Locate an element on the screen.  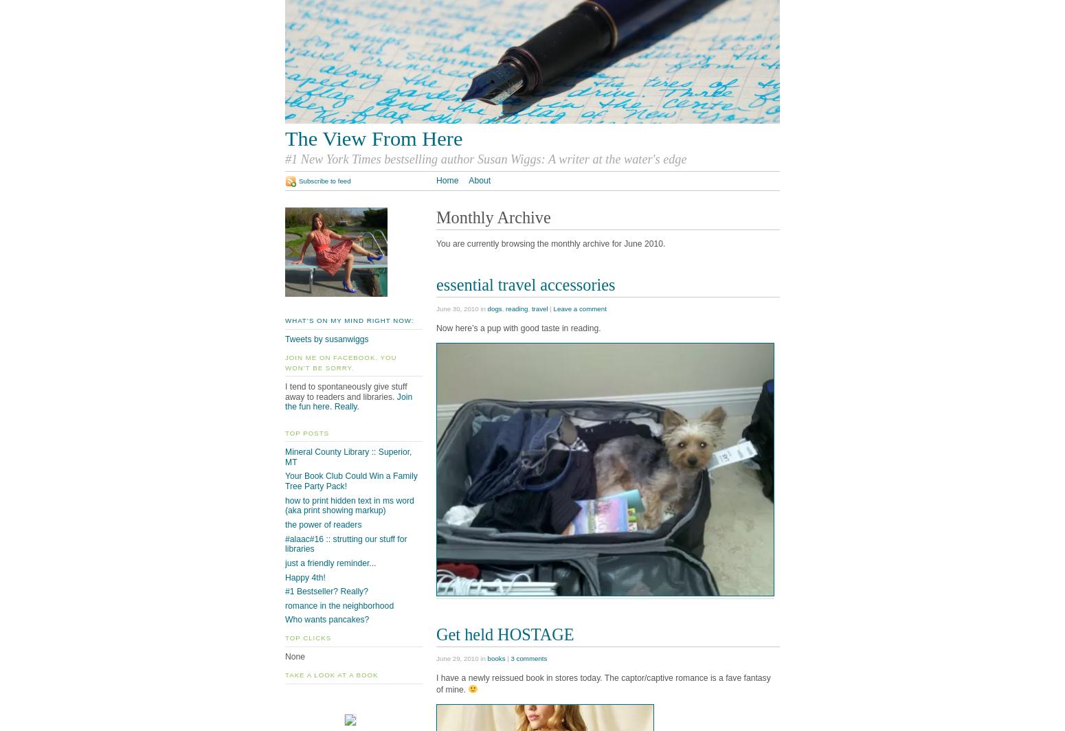
'just a friendly reminder...' is located at coordinates (329, 562).